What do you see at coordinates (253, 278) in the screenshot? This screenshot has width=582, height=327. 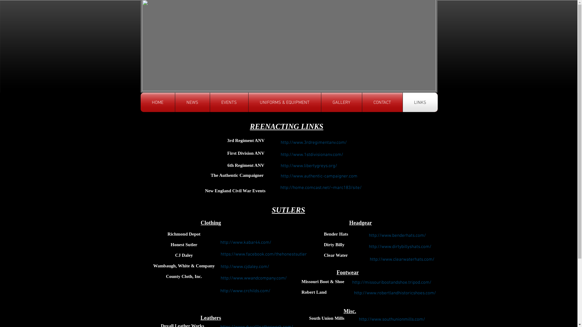 I see `'http://www.wwandcompany.com/'` at bounding box center [253, 278].